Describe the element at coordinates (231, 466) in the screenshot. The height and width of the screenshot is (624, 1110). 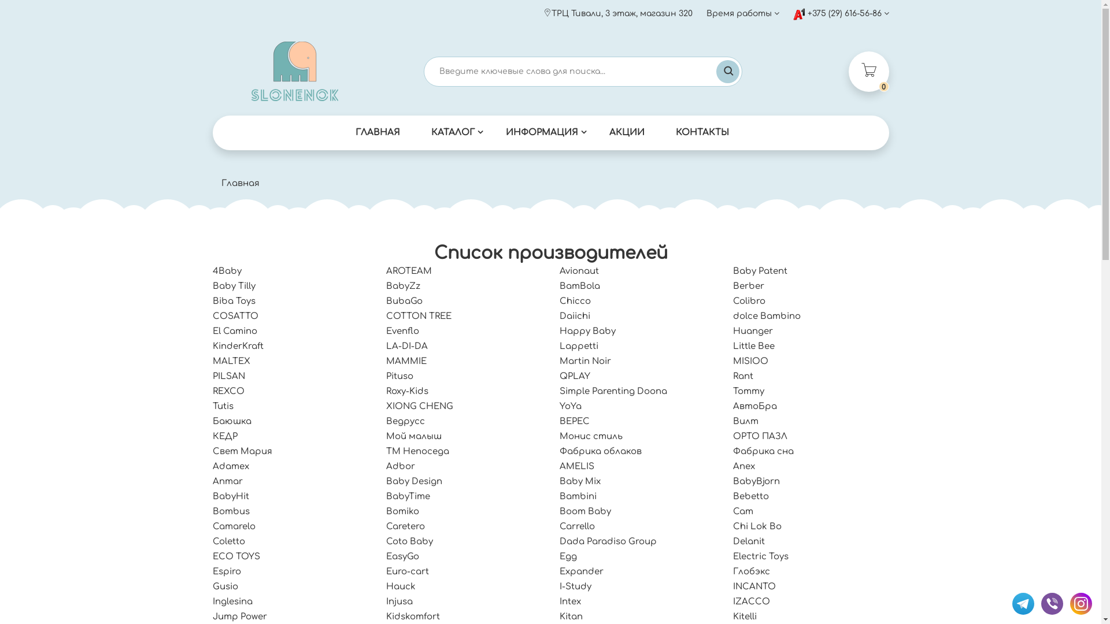
I see `'Adamex'` at that location.